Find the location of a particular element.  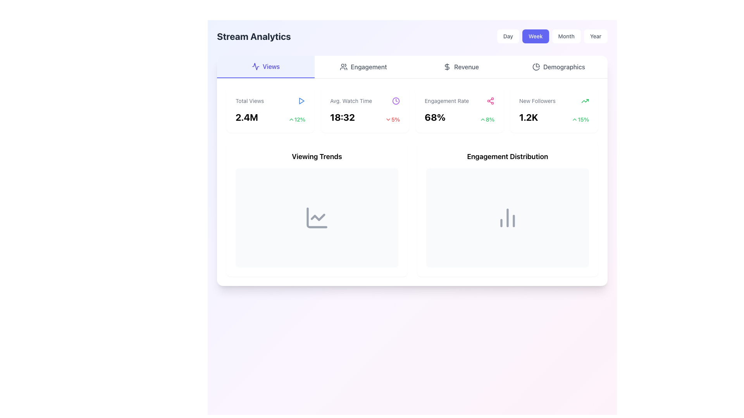

the 'Demographics' icon located in the top navigation bar, which visually identifies the demographics section is located at coordinates (536, 67).